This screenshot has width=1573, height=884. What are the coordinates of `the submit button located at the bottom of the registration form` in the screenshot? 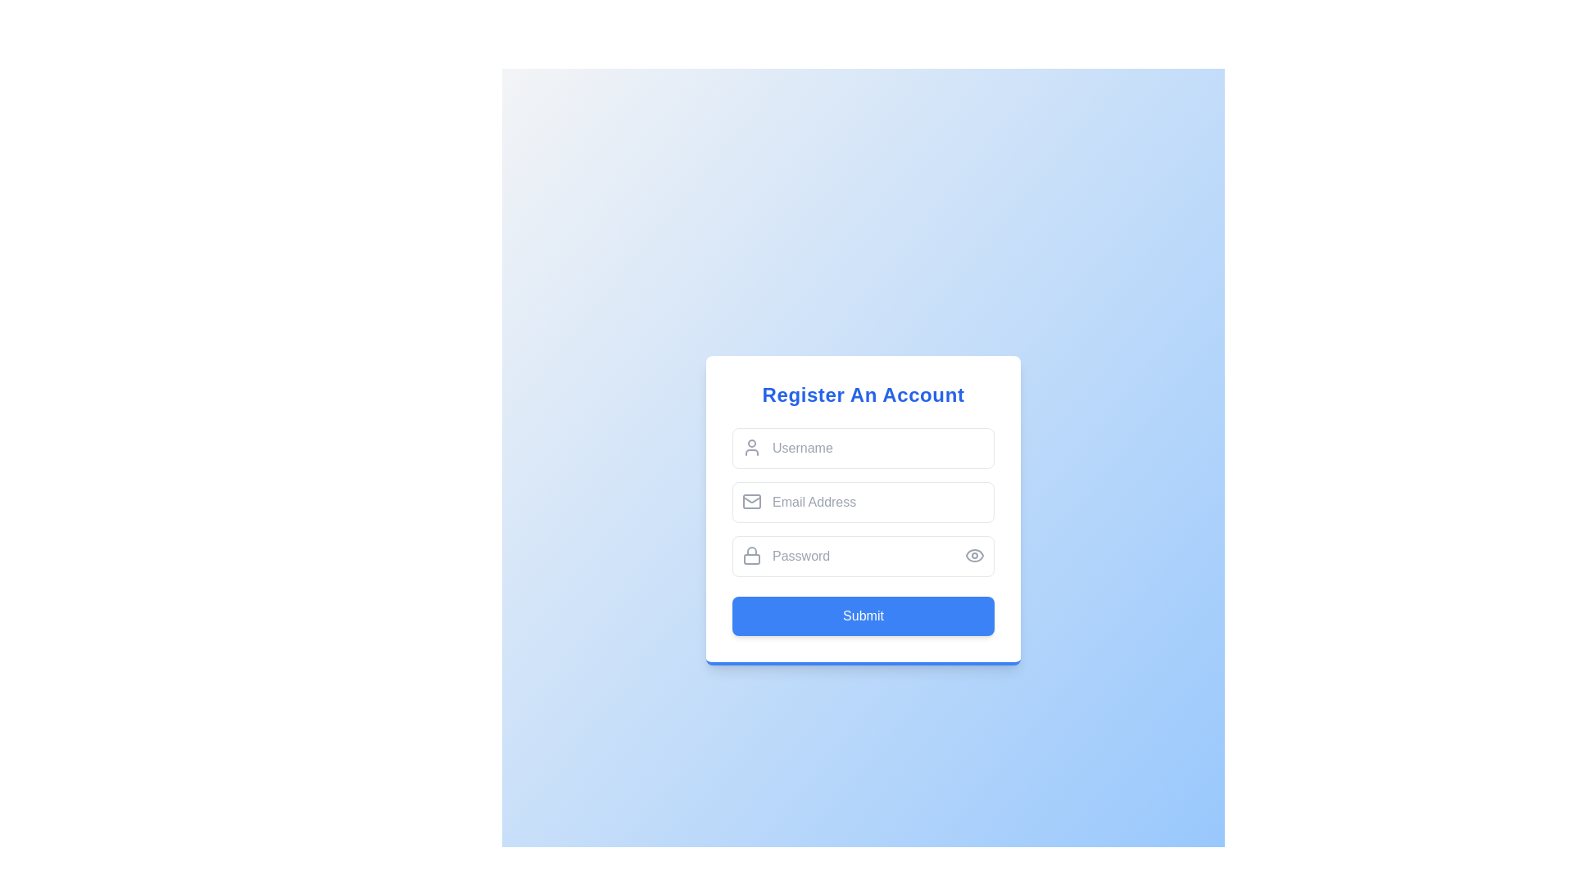 It's located at (863, 616).